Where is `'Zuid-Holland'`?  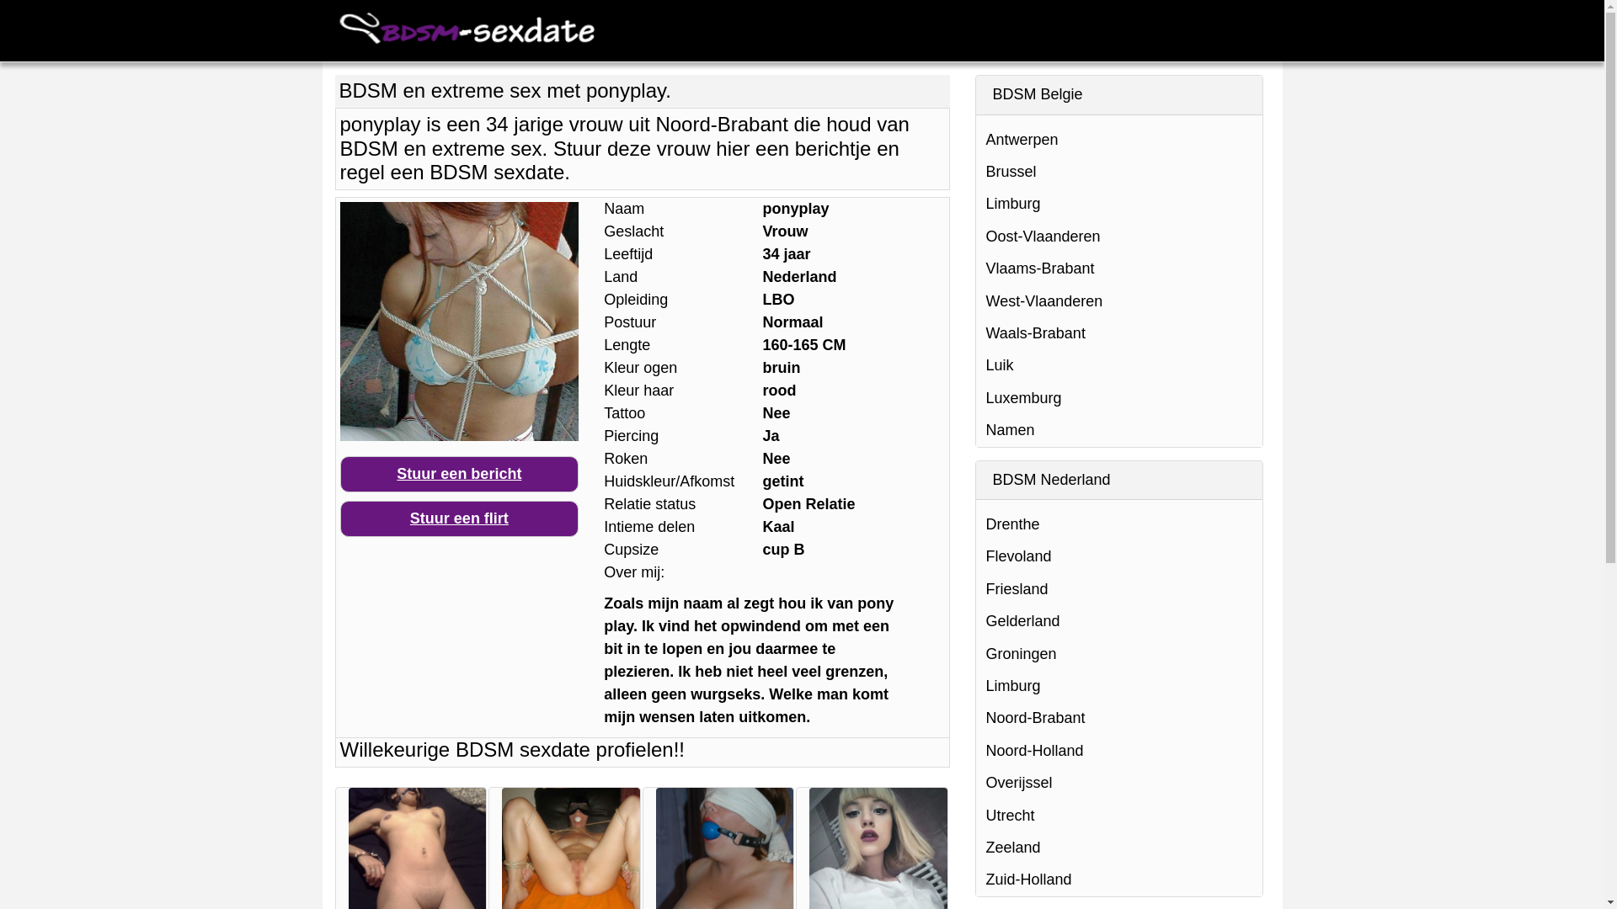
'Zuid-Holland' is located at coordinates (1118, 879).